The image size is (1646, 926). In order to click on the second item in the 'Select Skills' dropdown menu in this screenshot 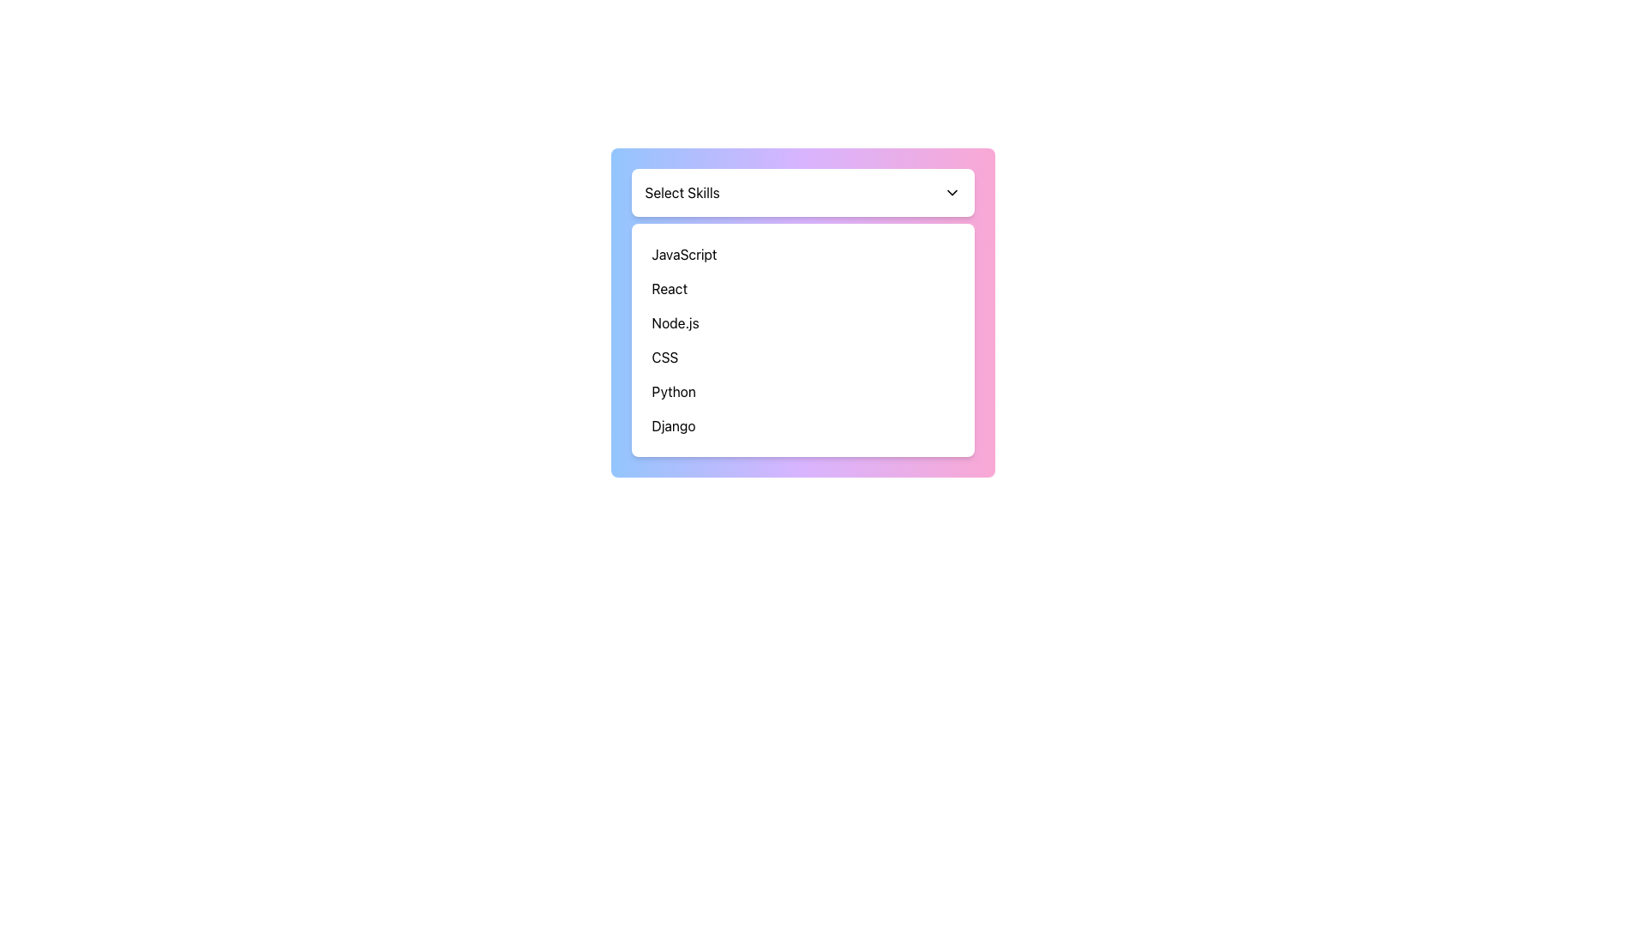, I will do `click(802, 287)`.